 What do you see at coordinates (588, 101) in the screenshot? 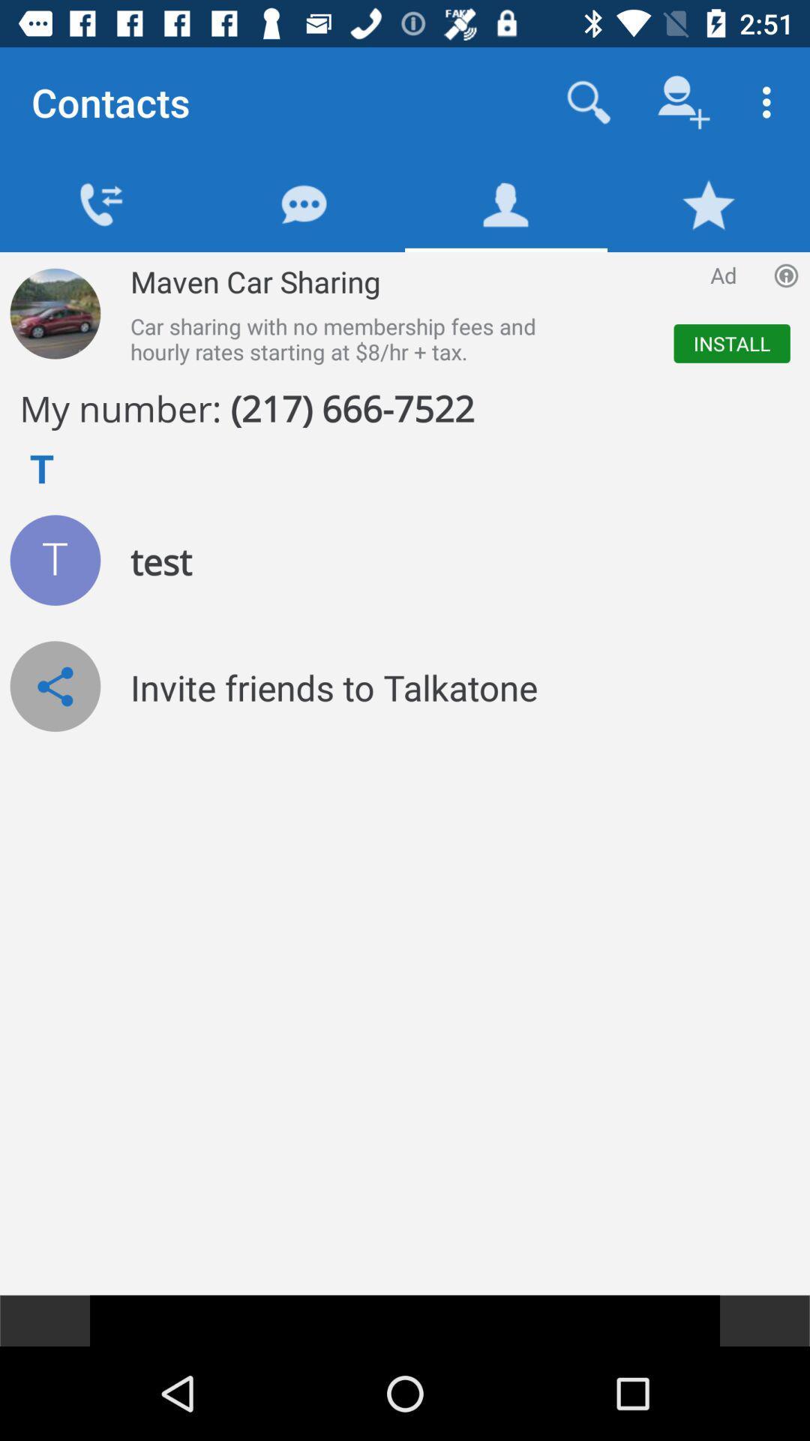
I see `search contacts` at bounding box center [588, 101].